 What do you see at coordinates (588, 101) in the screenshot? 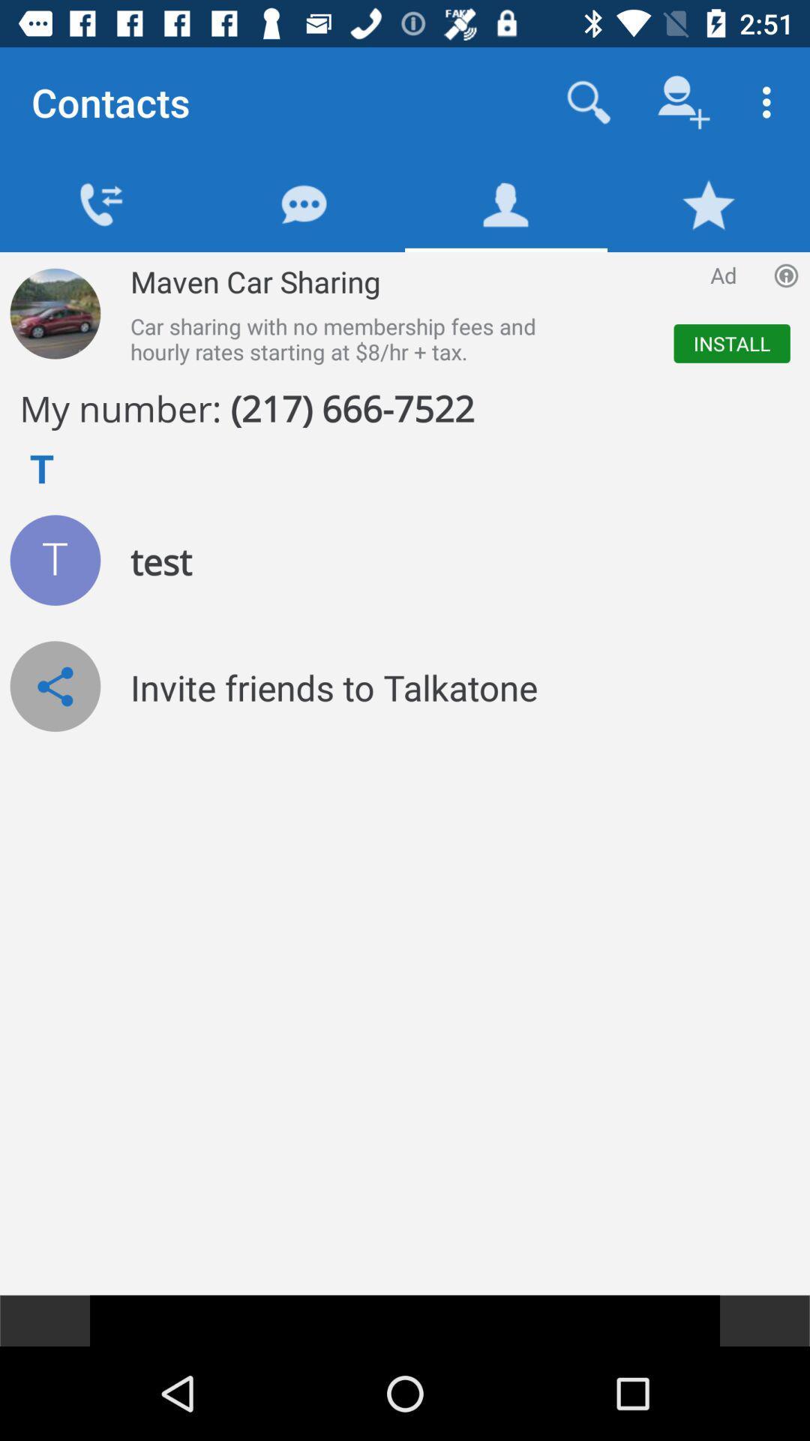
I see `search contacts` at bounding box center [588, 101].